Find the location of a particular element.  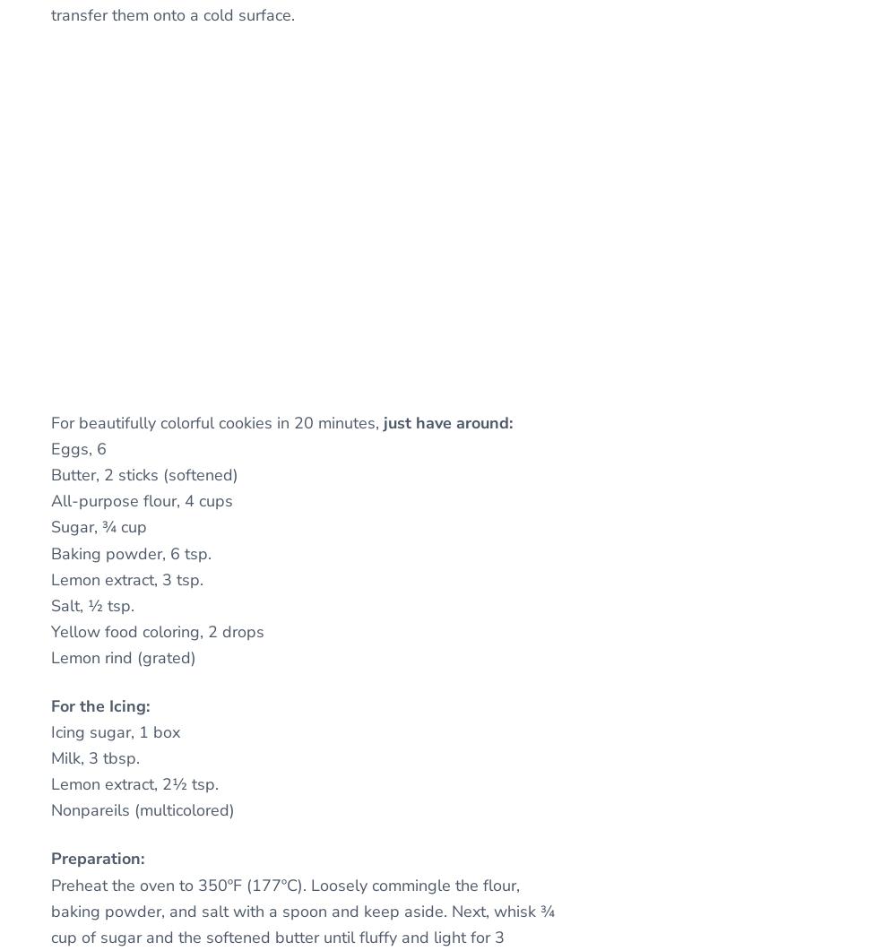

'Preparation:' is located at coordinates (97, 857).